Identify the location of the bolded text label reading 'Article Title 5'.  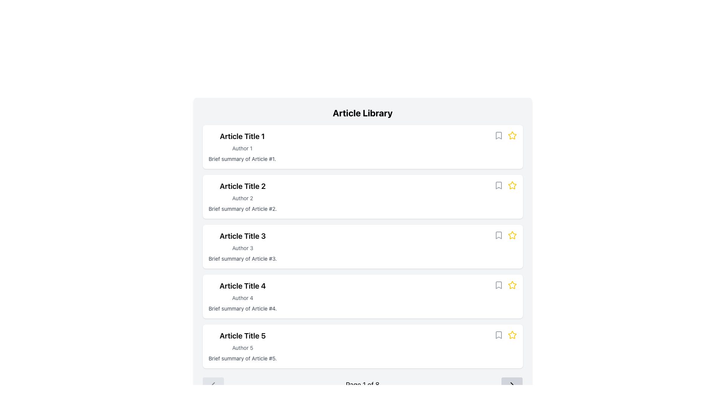
(242, 335).